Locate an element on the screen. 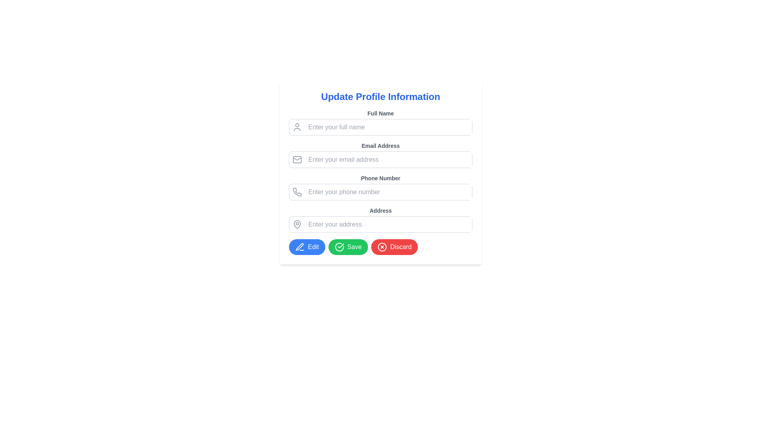  the 'Address' text label, which is styled in bold, small font and positioned above an input field in the form layout is located at coordinates (381, 210).